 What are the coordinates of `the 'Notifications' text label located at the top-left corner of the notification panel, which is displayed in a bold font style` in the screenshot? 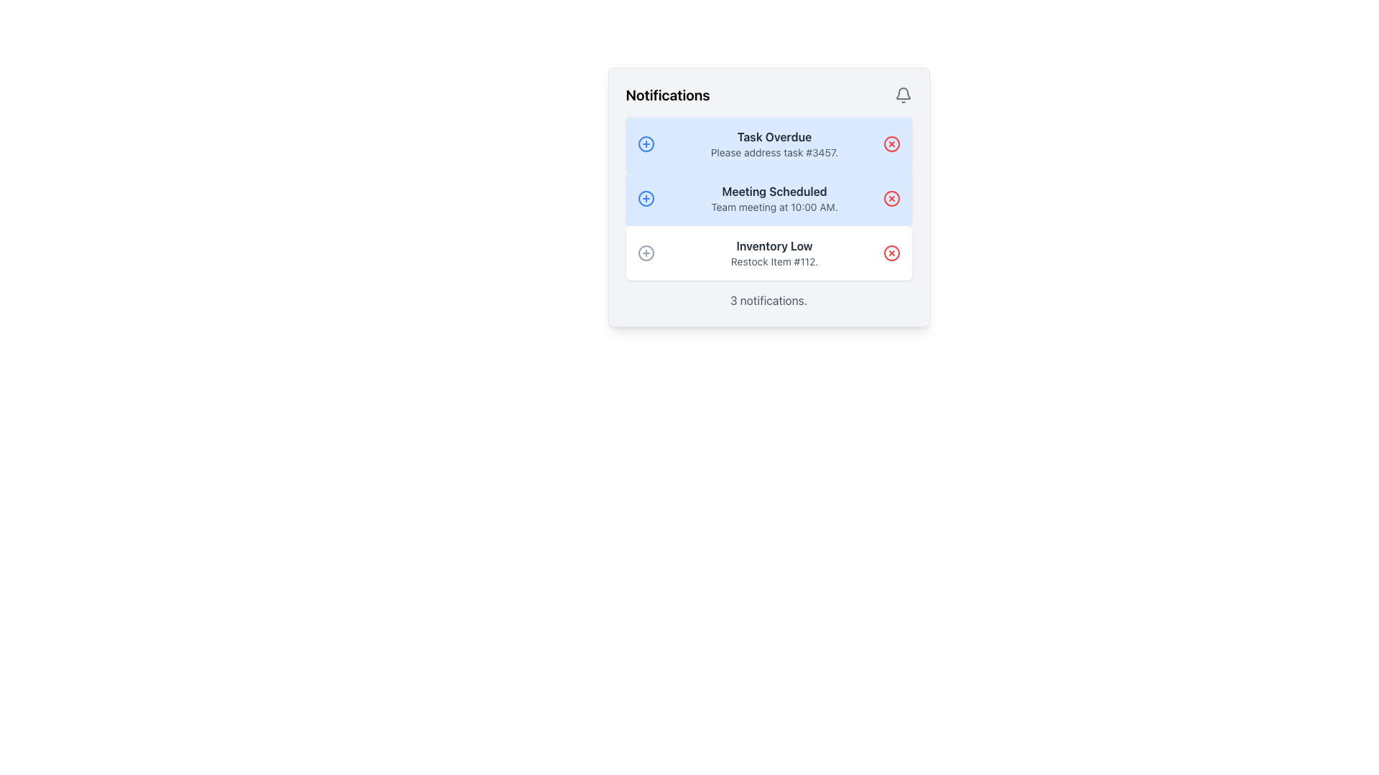 It's located at (667, 95).